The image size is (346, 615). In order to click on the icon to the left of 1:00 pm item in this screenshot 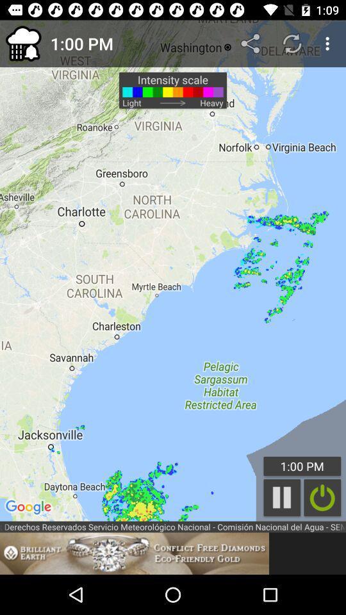, I will do `click(23, 44)`.